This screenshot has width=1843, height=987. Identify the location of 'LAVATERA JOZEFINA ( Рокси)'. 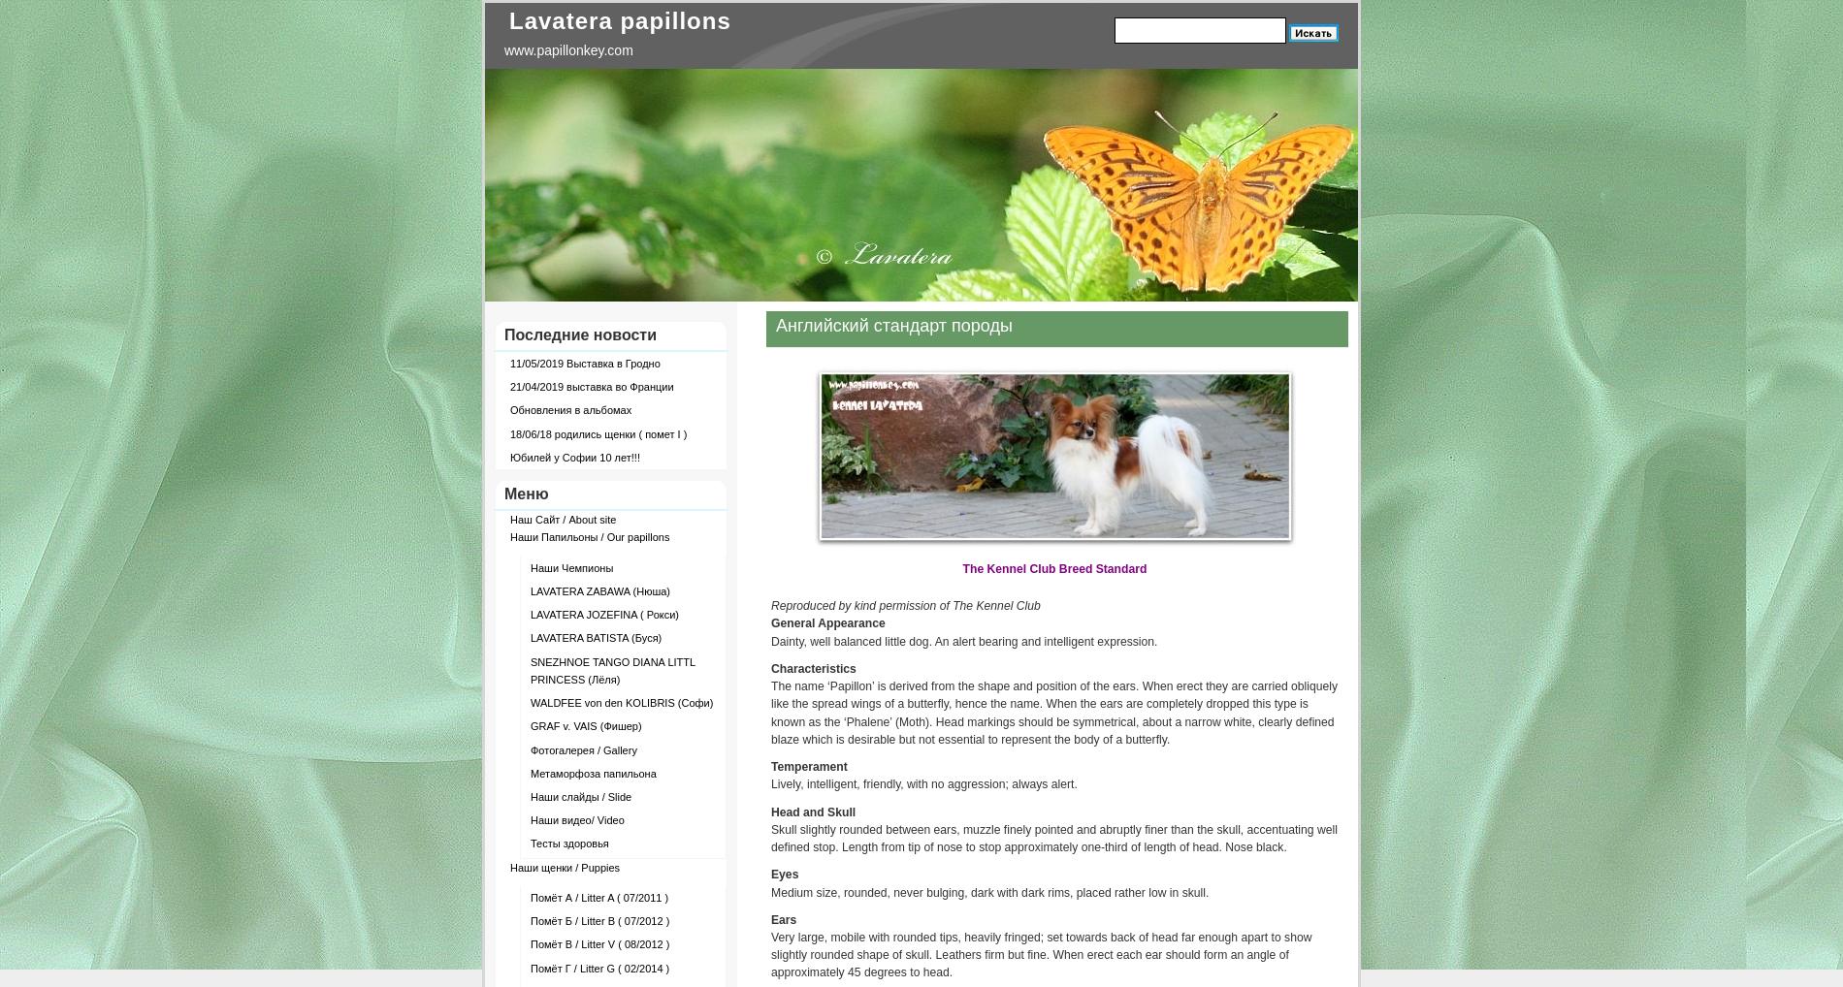
(531, 614).